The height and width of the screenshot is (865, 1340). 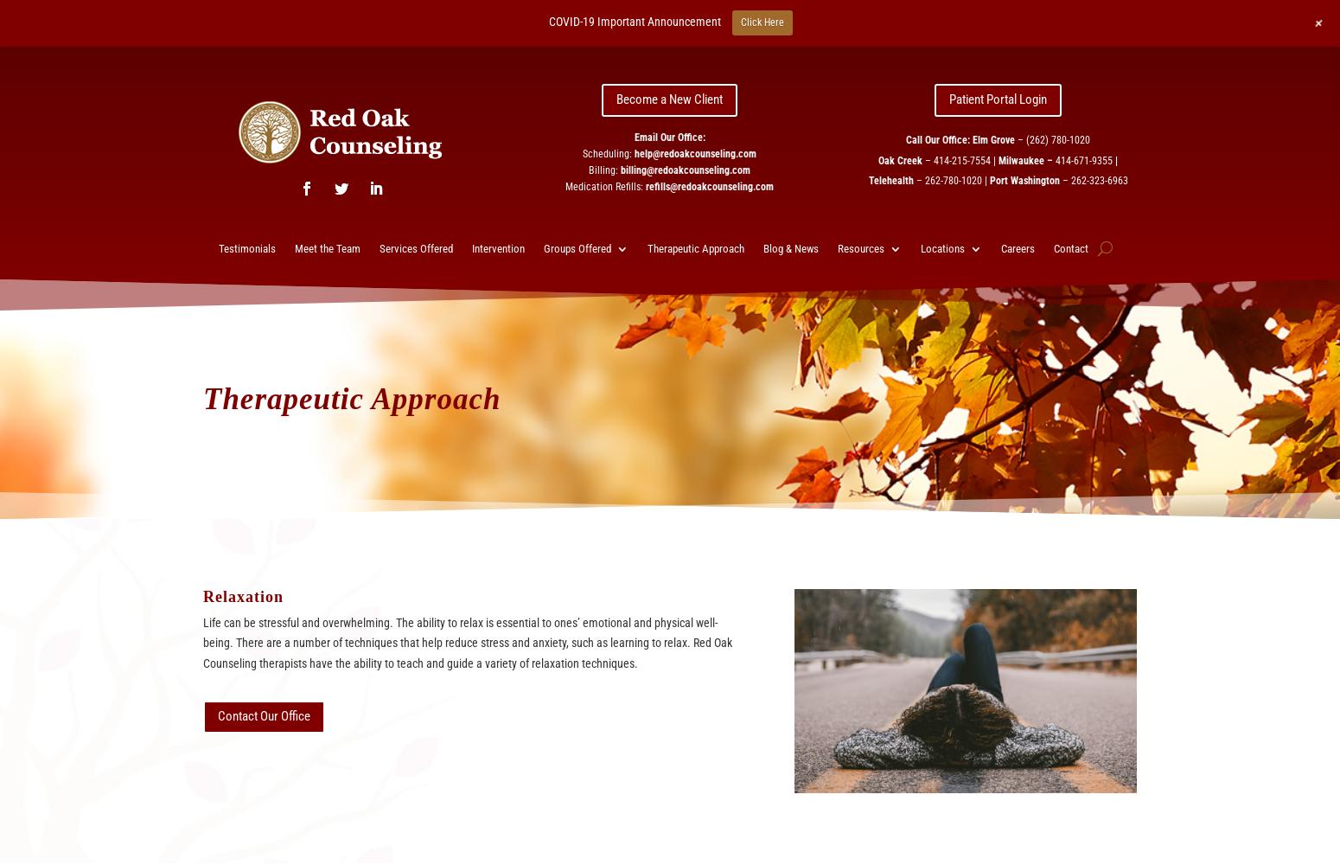 I want to click on 'Mental Health Groups', so click(x=616, y=435).